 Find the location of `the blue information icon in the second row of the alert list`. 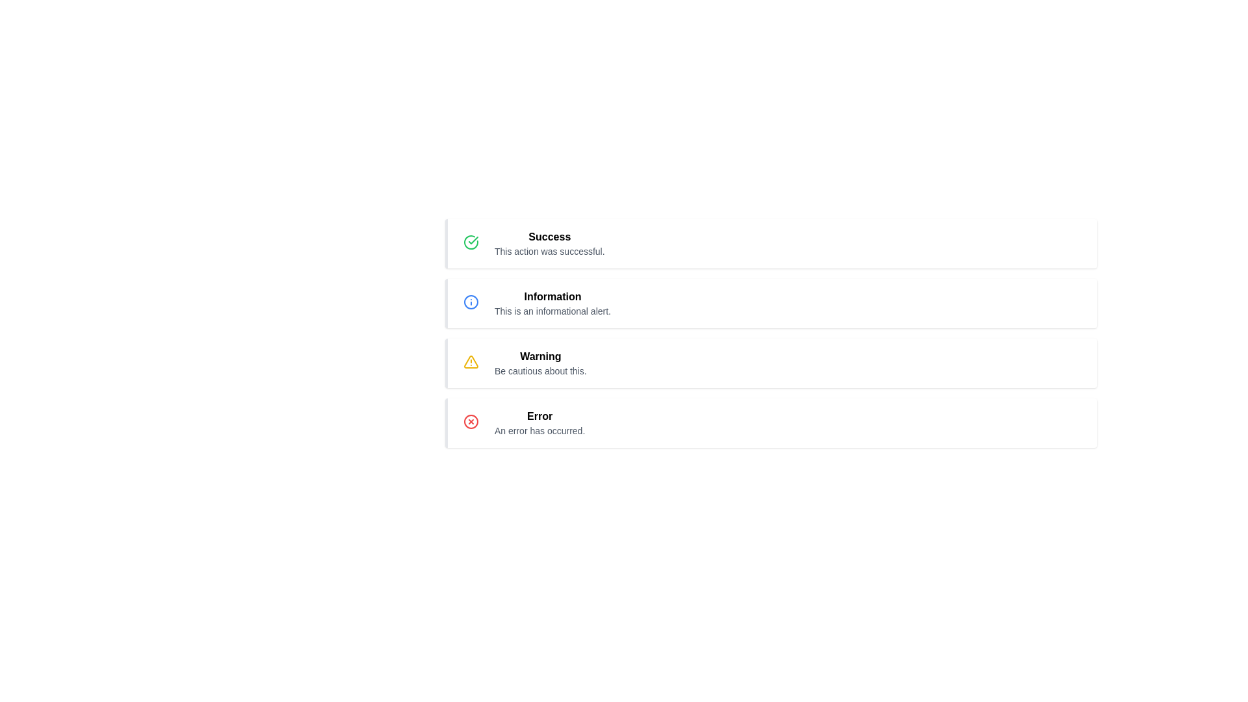

the blue information icon in the second row of the alert list is located at coordinates (470, 302).